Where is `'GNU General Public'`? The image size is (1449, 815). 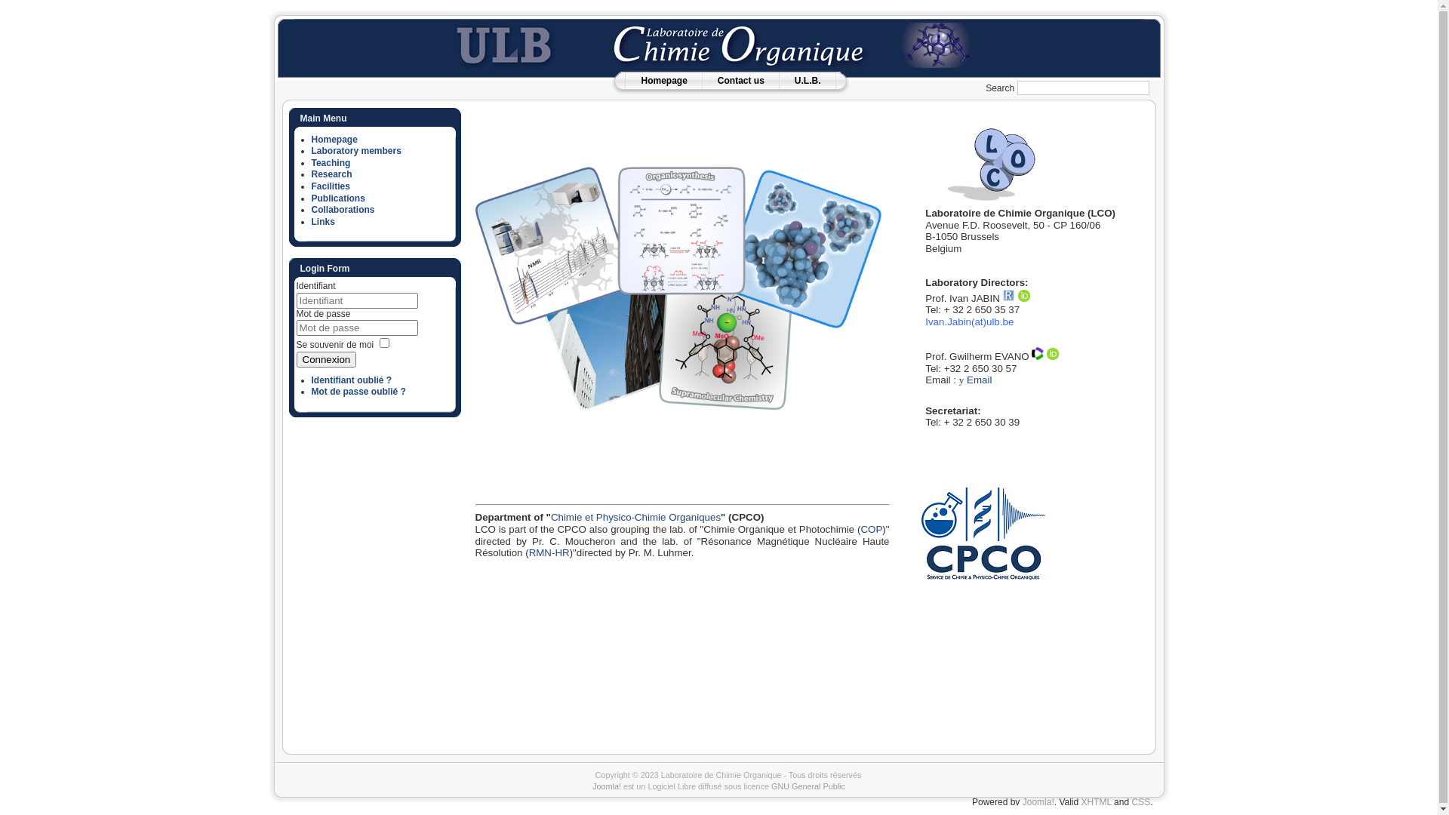 'GNU General Public' is located at coordinates (807, 785).